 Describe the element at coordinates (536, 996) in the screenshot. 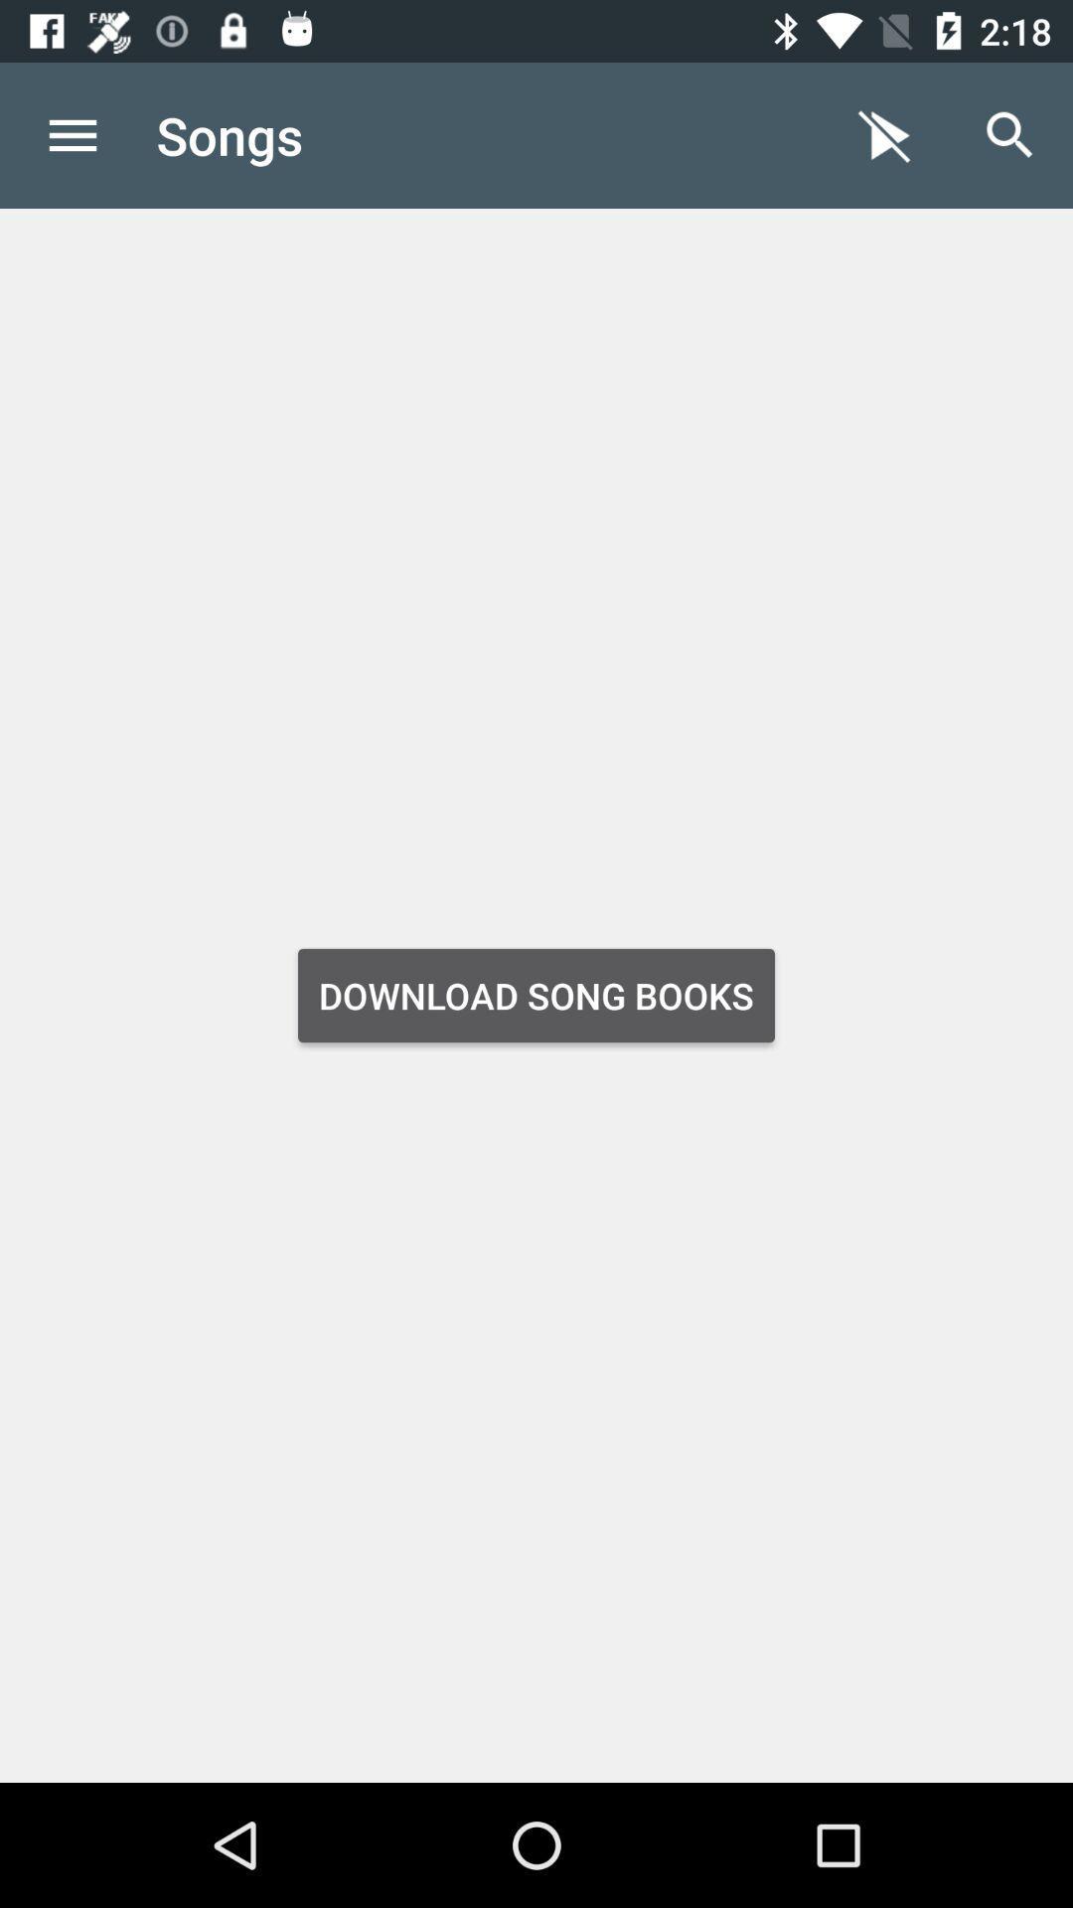

I see `the icon at the center` at that location.